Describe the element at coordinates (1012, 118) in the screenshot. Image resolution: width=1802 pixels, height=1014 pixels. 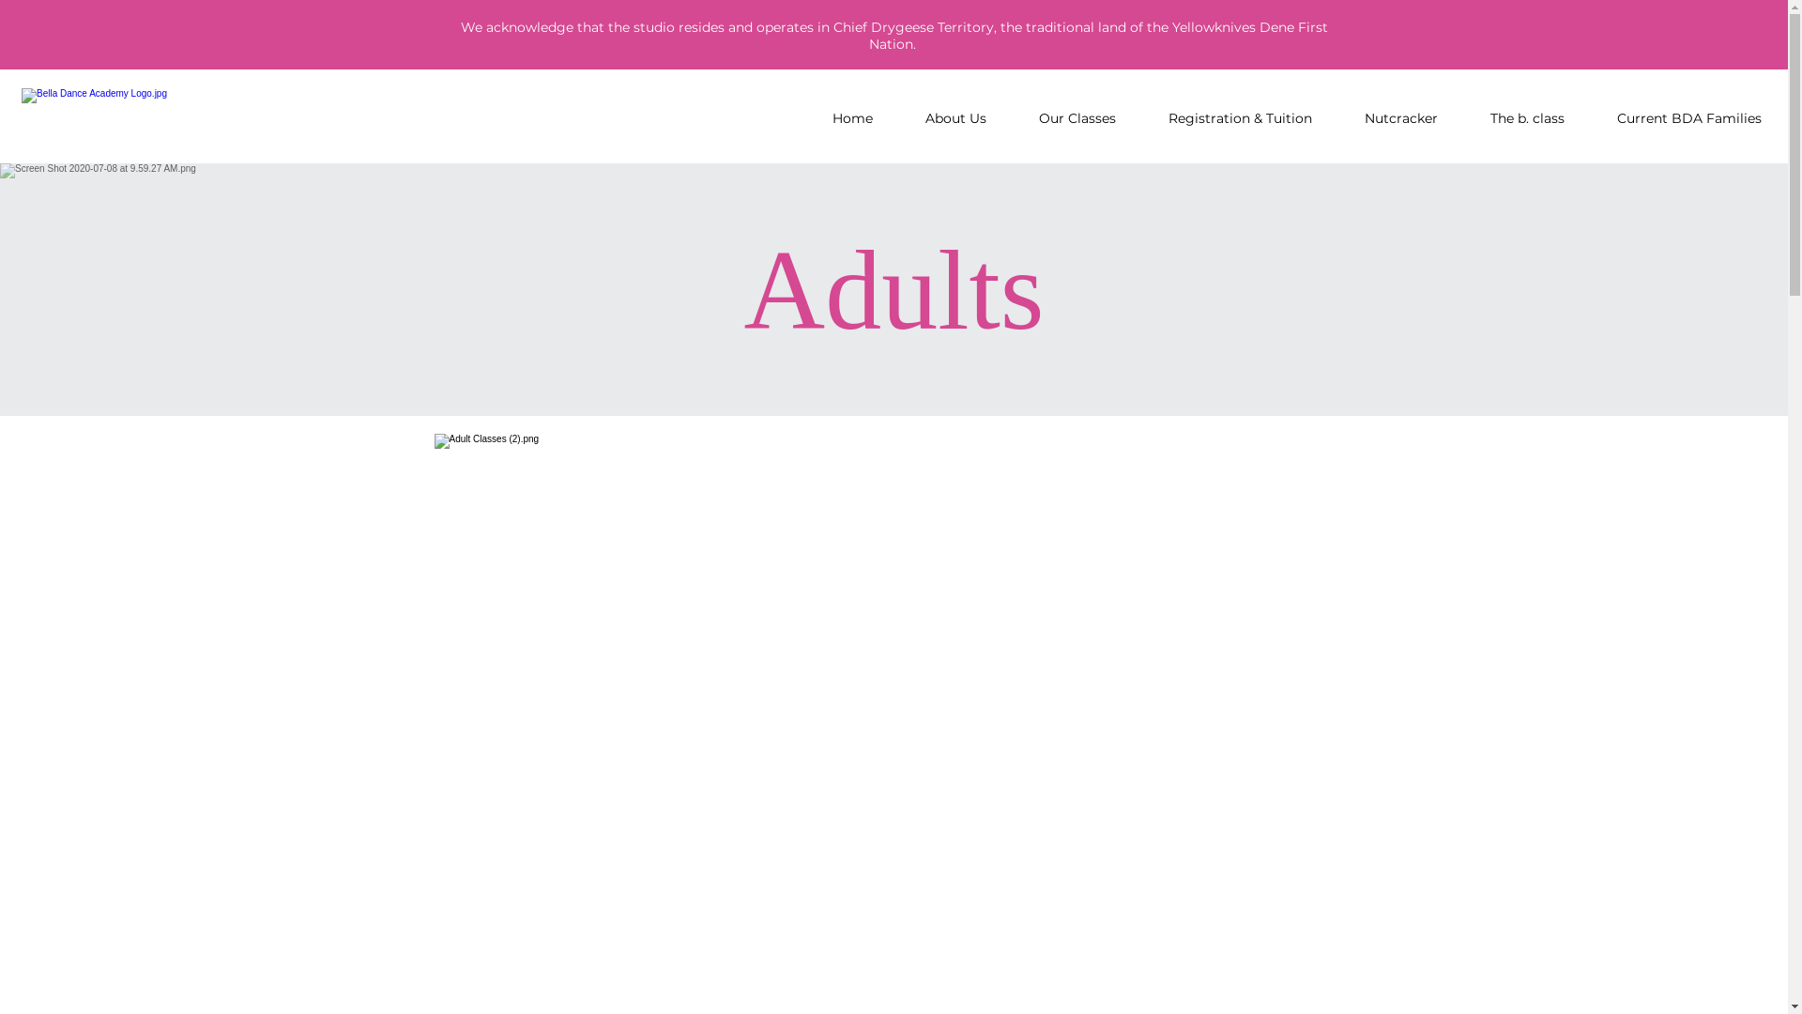
I see `'Our Classes'` at that location.